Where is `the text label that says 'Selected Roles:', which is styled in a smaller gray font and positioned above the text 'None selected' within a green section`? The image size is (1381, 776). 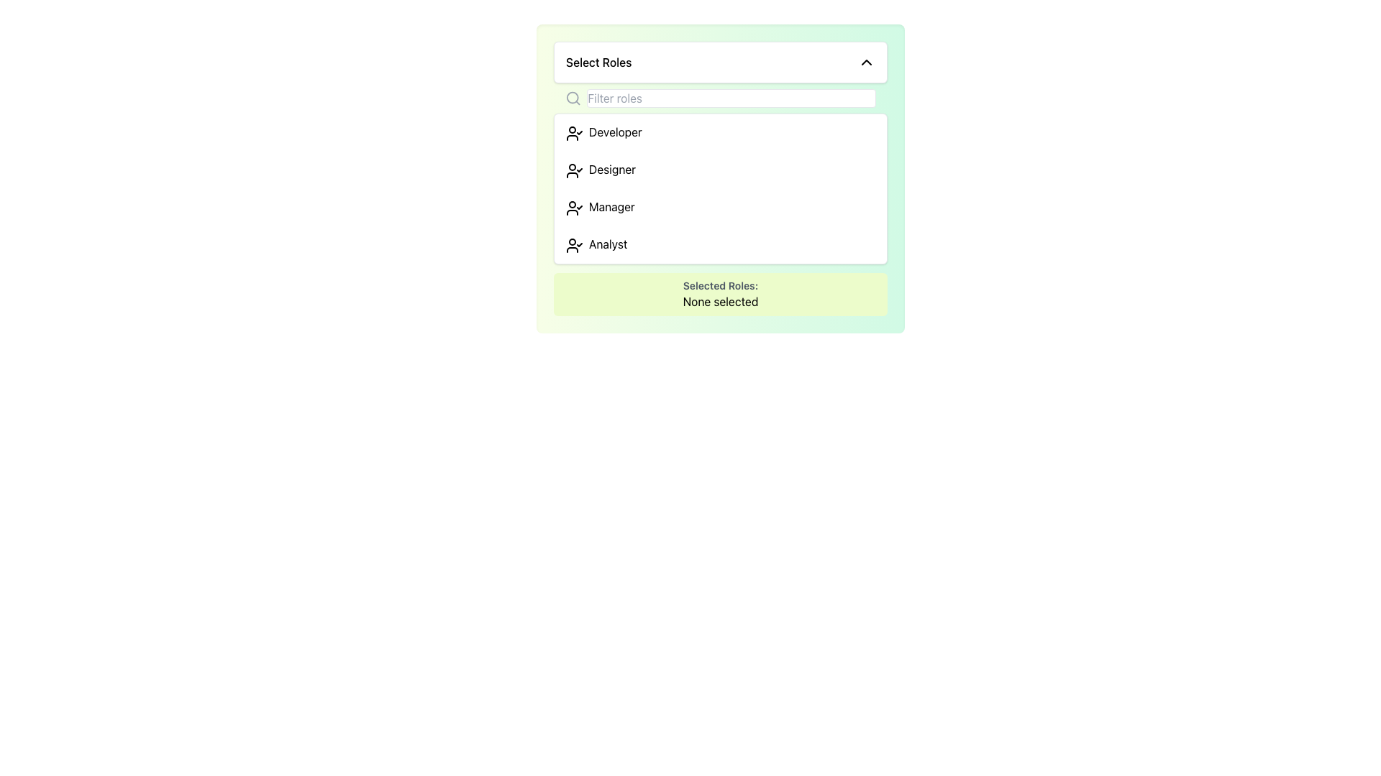
the text label that says 'Selected Roles:', which is styled in a smaller gray font and positioned above the text 'None selected' within a green section is located at coordinates (721, 285).